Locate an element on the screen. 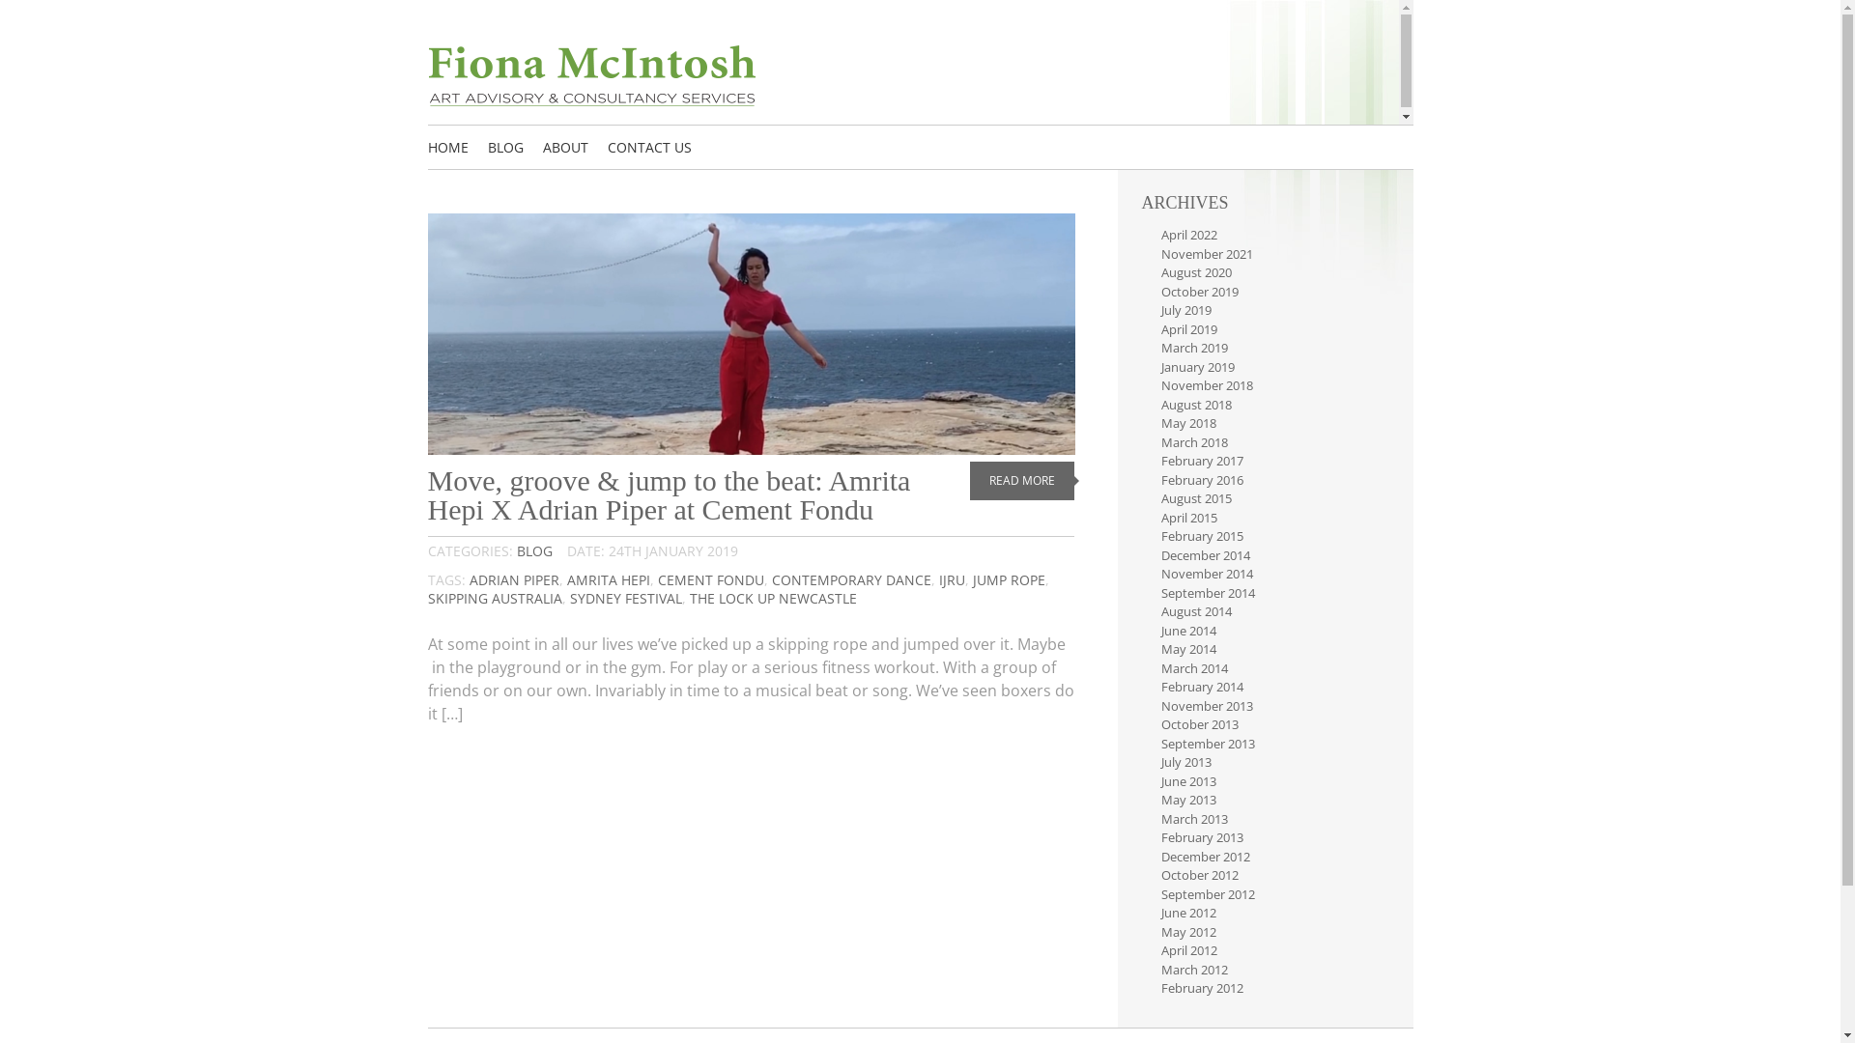 The image size is (1855, 1043). 'December 2014' is located at coordinates (1205, 554).